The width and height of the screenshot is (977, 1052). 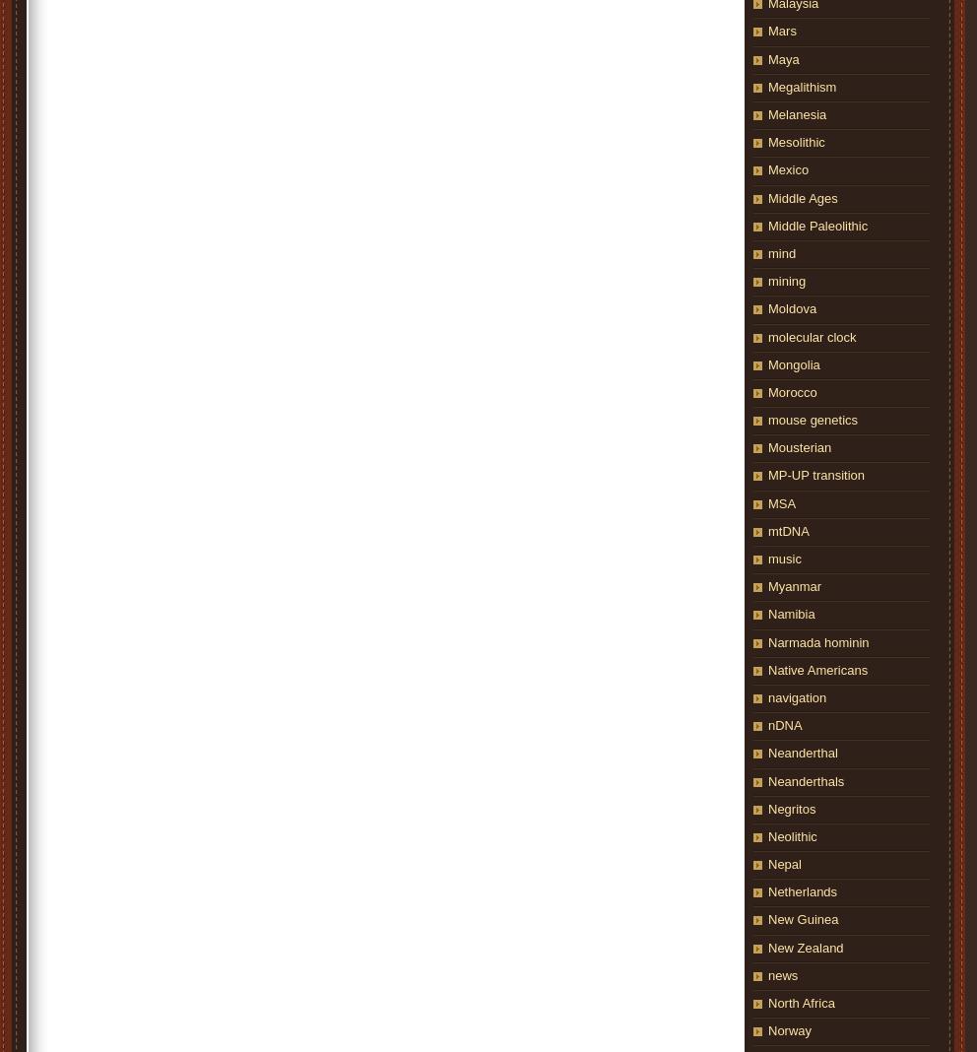 I want to click on 'mtDNA', so click(x=767, y=529).